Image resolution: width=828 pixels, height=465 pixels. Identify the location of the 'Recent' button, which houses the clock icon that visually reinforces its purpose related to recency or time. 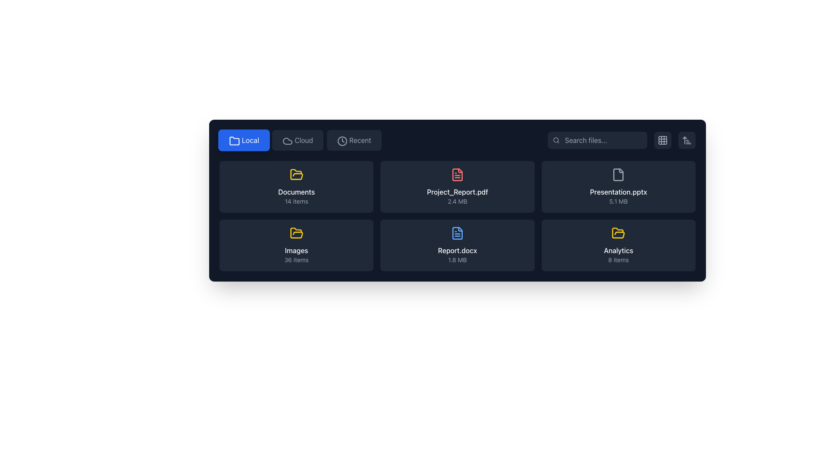
(341, 140).